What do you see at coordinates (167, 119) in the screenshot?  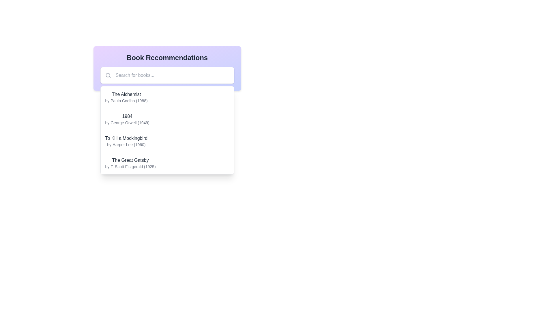 I see `the second item` at bounding box center [167, 119].